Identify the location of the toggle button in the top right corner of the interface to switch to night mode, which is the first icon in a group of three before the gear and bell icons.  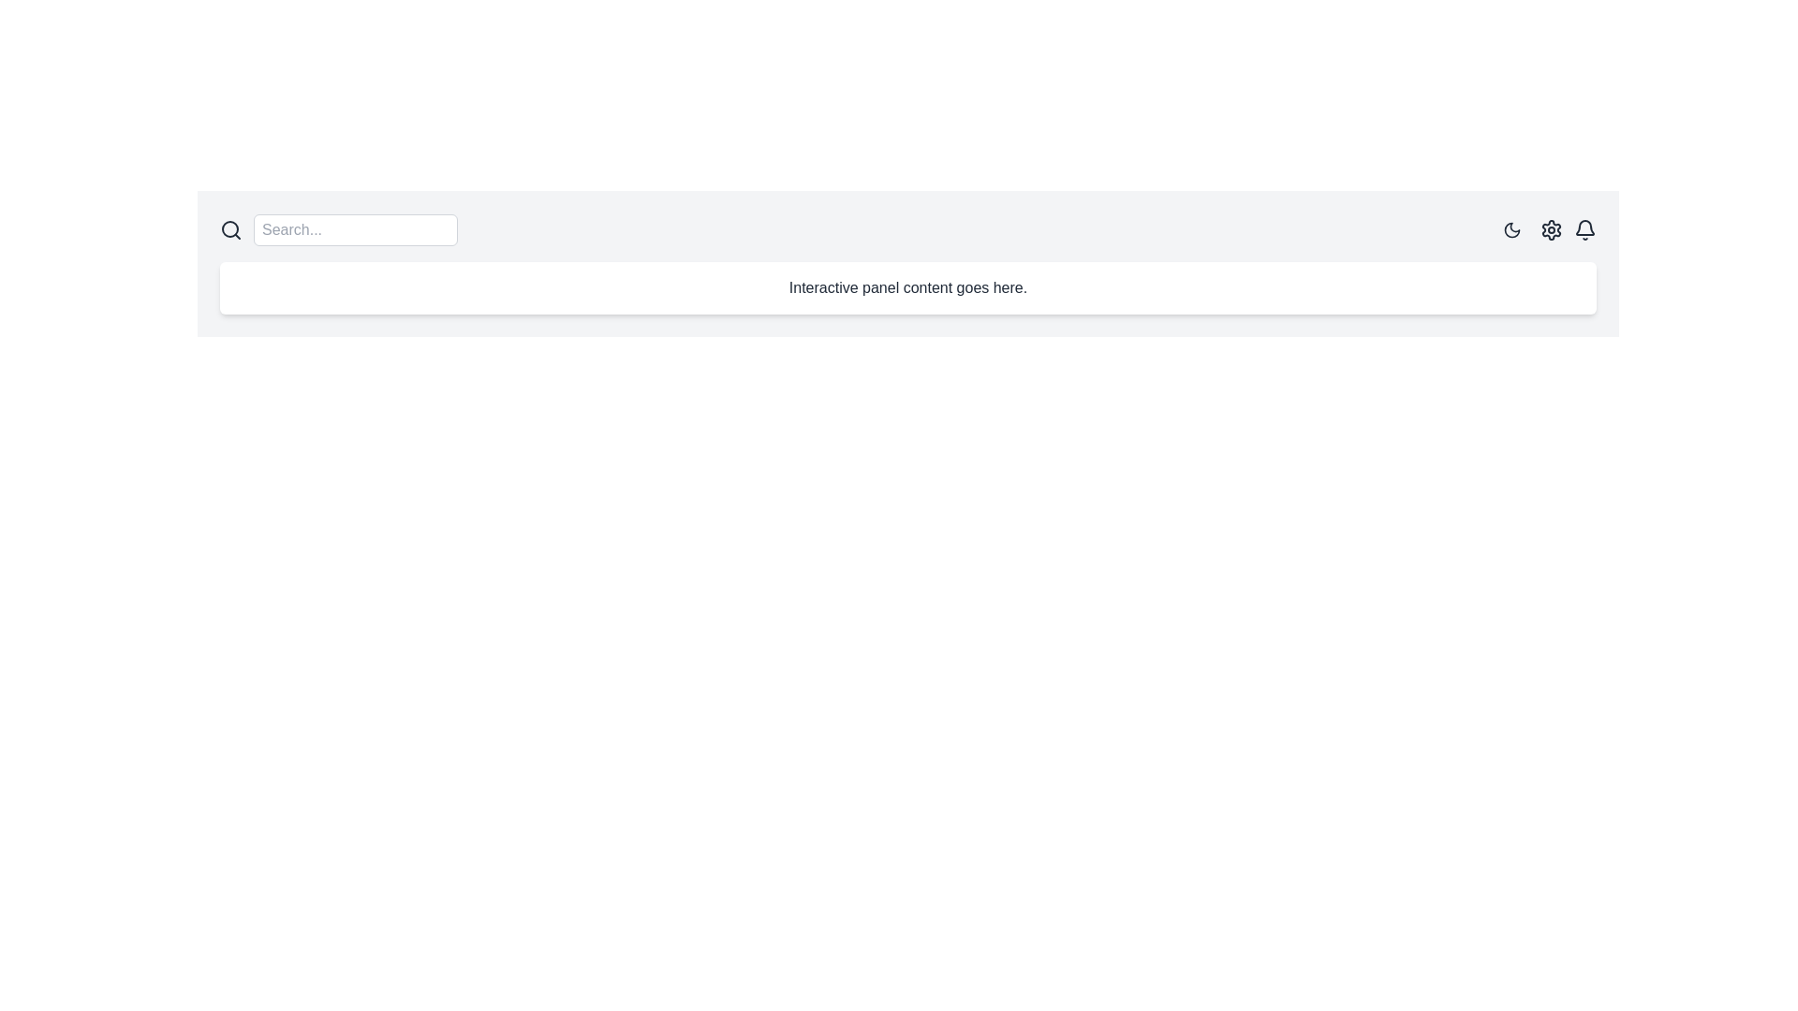
(1511, 229).